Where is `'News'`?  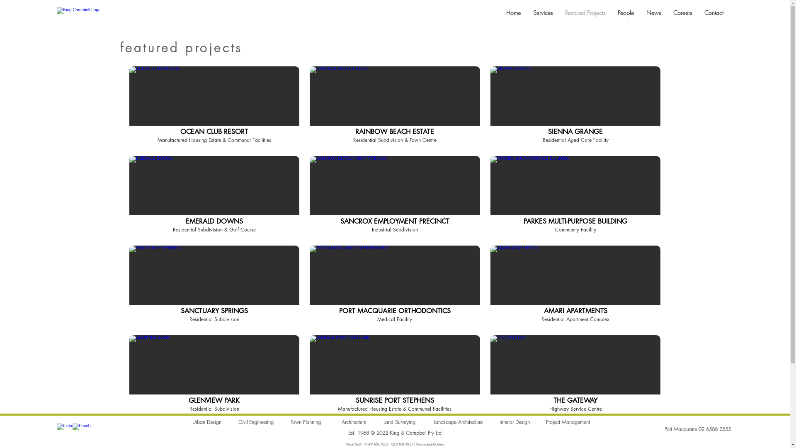 'News' is located at coordinates (640, 12).